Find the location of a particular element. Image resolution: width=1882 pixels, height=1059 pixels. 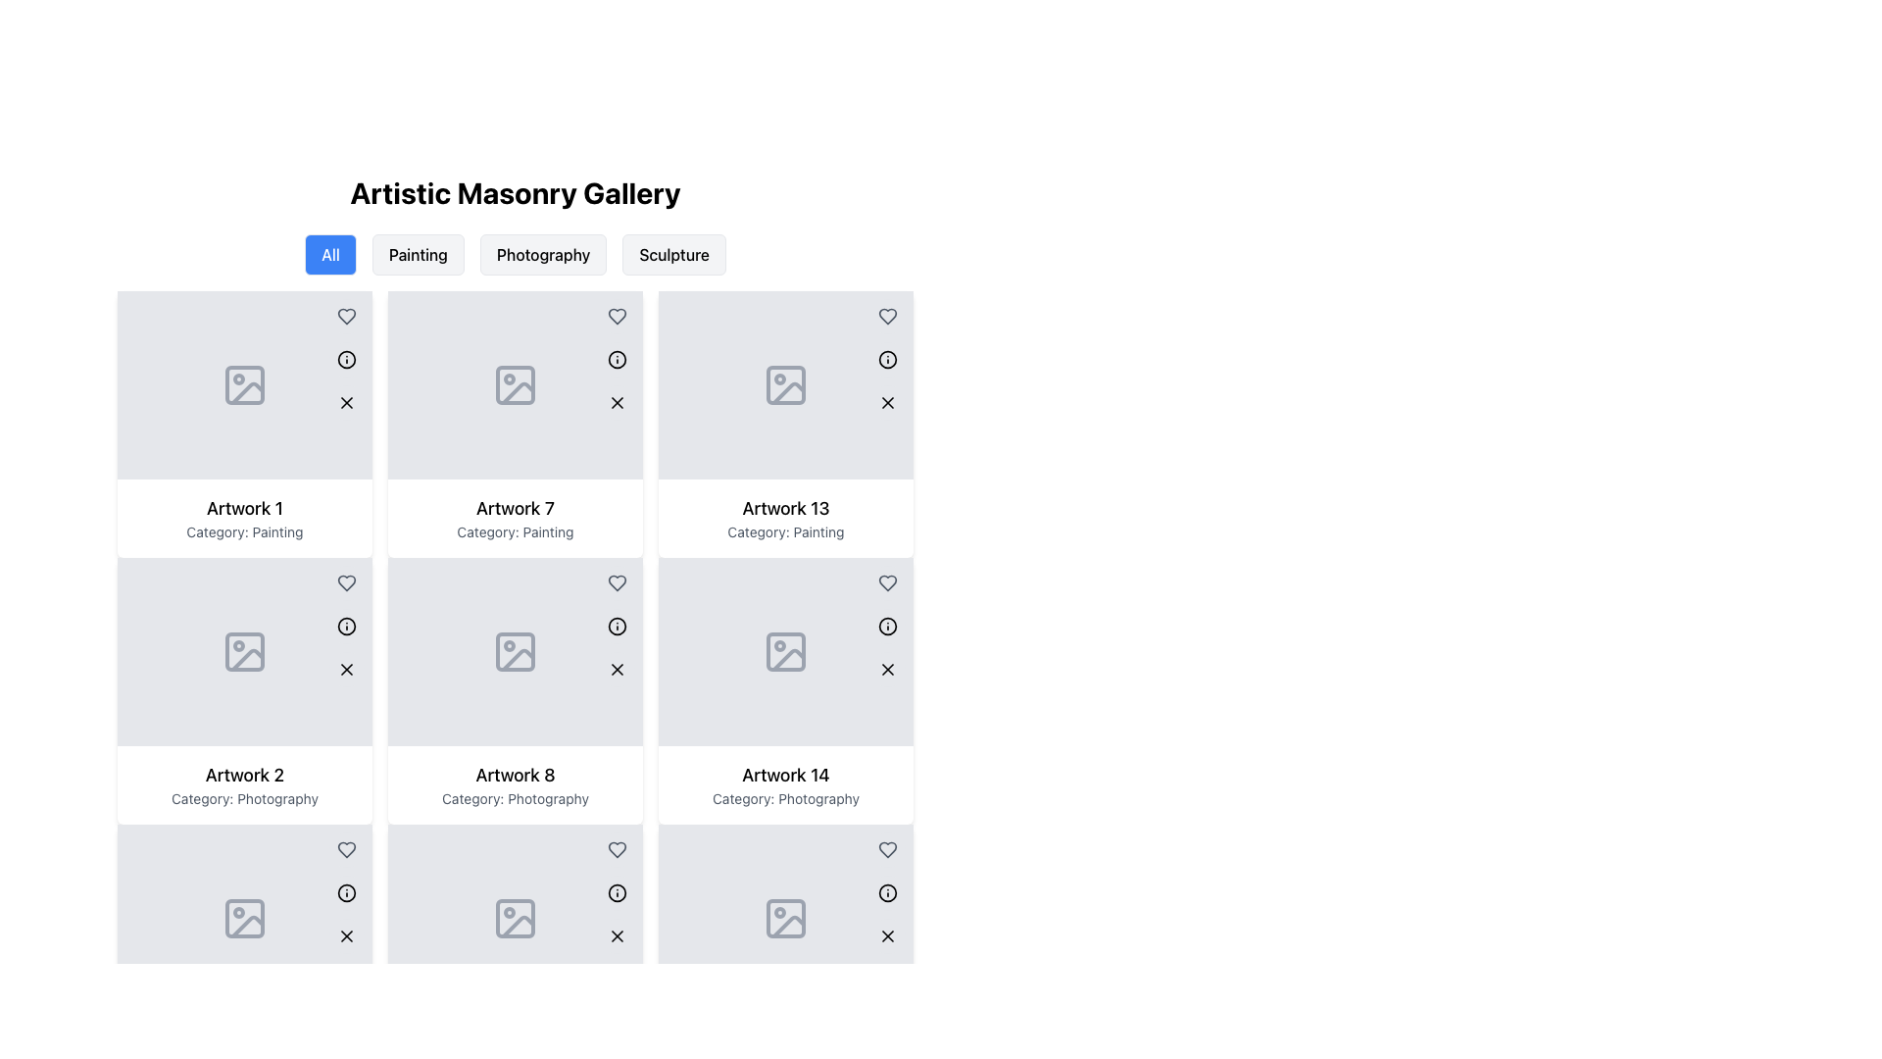

the delete button located at the top-right corner of the 'Artwork 8: Category: Photography' tile is located at coordinates (616, 668).